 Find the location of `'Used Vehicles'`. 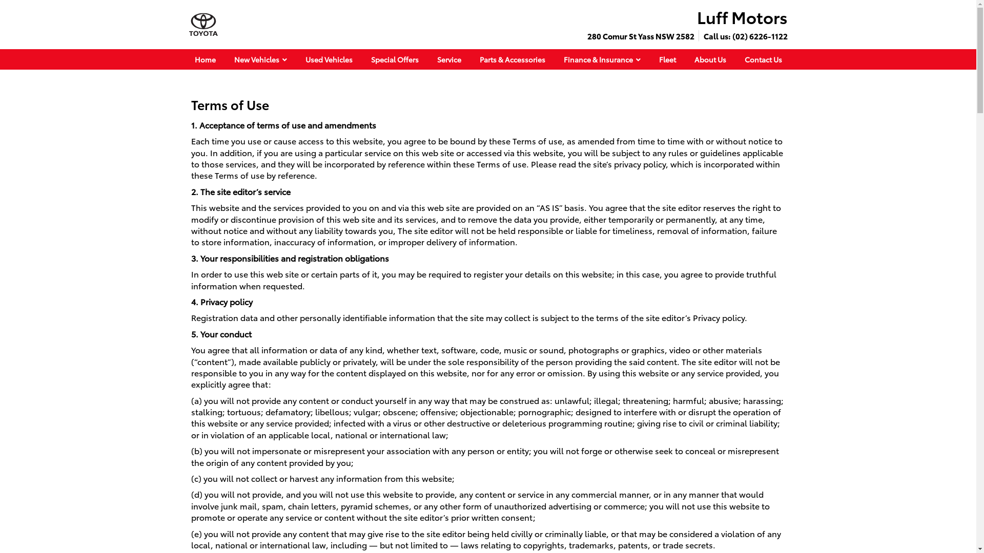

'Used Vehicles' is located at coordinates (295, 59).